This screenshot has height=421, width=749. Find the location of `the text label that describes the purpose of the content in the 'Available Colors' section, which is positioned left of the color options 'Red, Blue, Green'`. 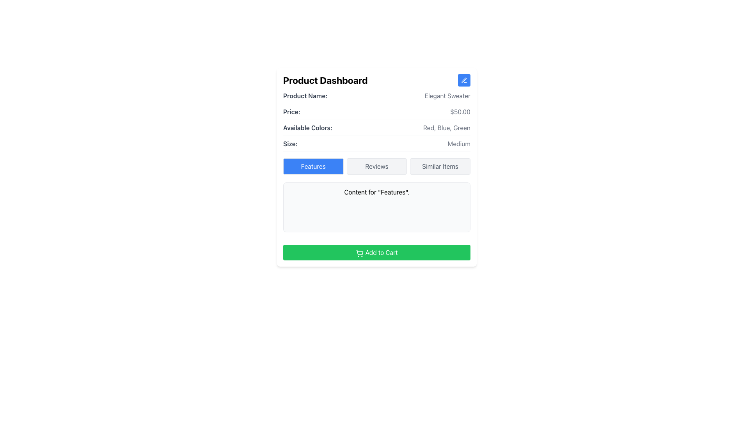

the text label that describes the purpose of the content in the 'Available Colors' section, which is positioned left of the color options 'Red, Blue, Green' is located at coordinates (307, 127).